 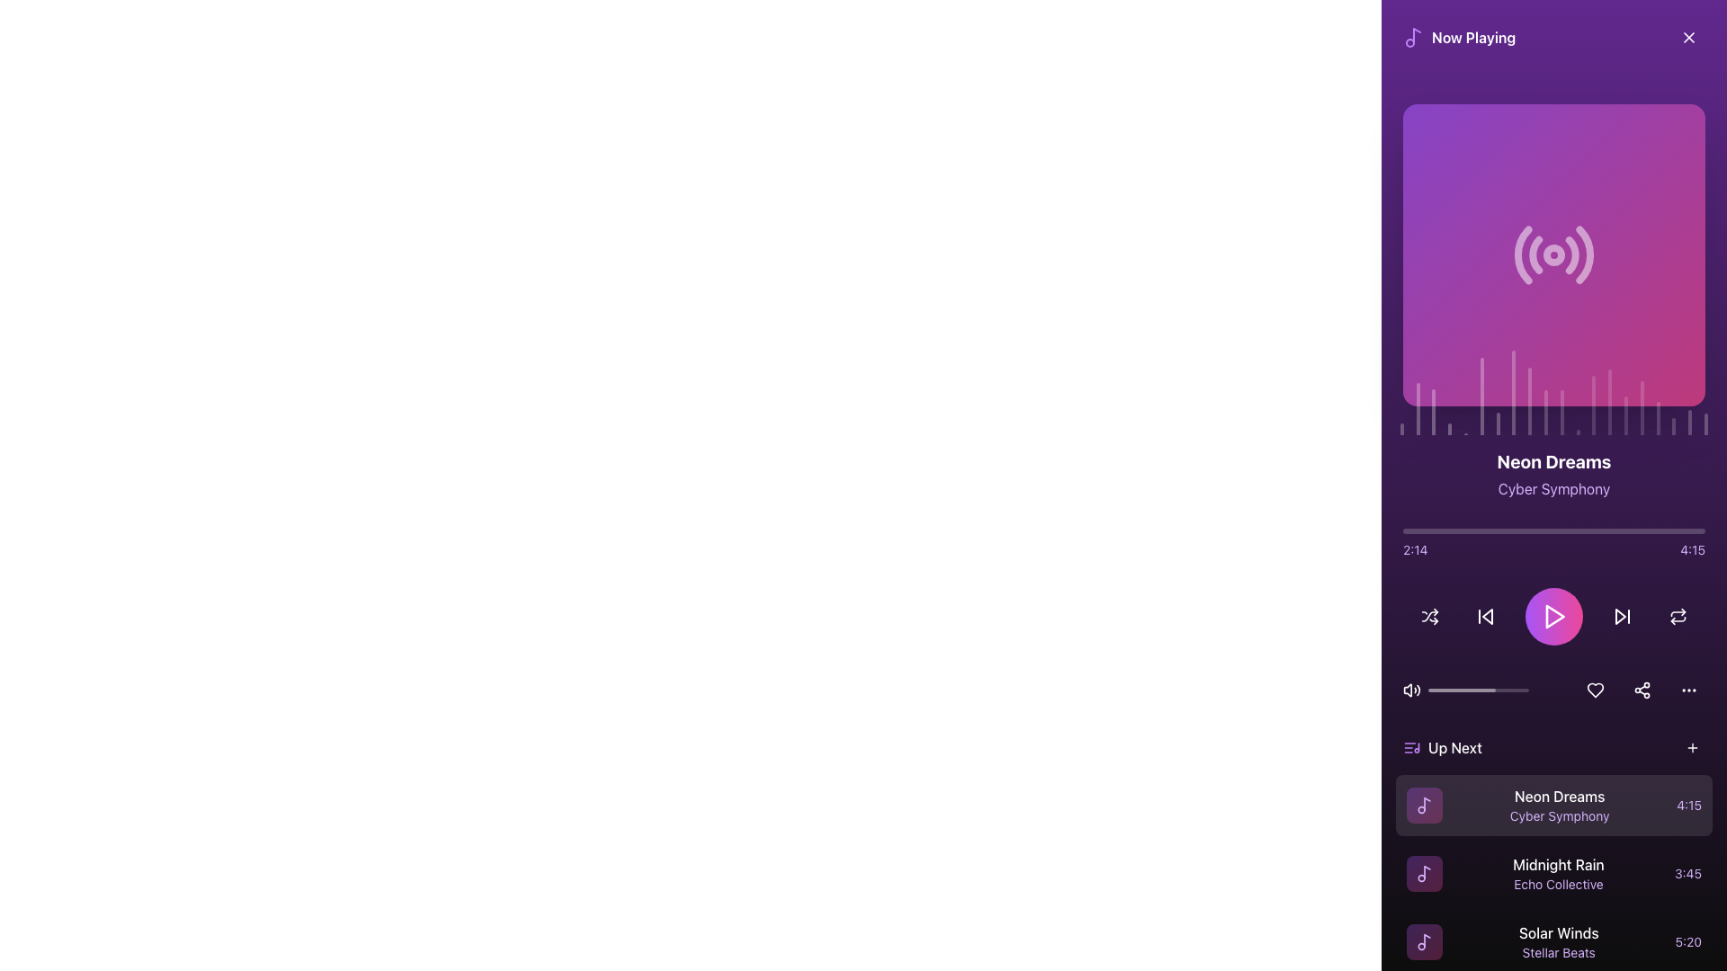 I want to click on the static text label displaying the duration of the track 'Midnight Rain', positioned in the lower right corner of the 'Up Next' list item, so click(x=1687, y=873).